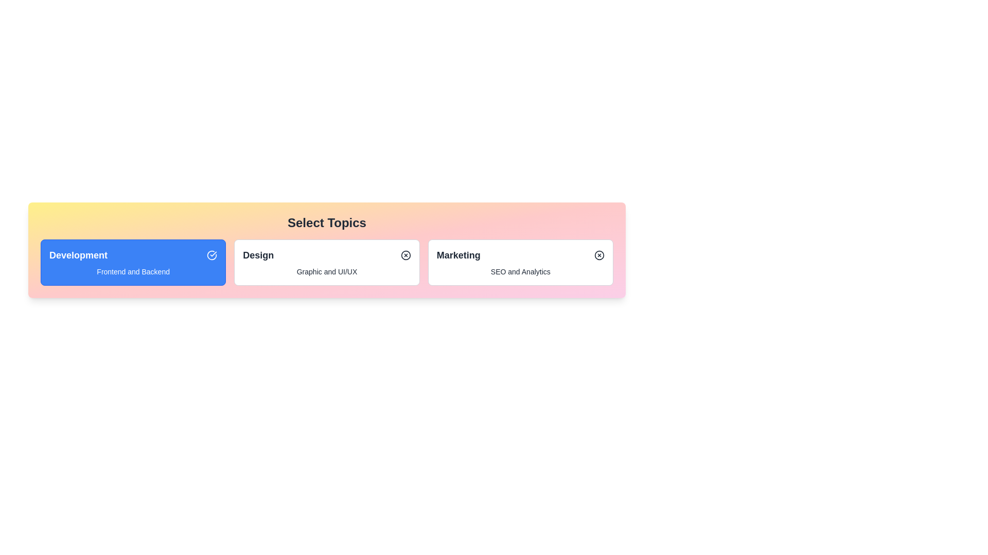  Describe the element at coordinates (520, 262) in the screenshot. I see `the chip labeled Marketing to observe its hover effects` at that location.